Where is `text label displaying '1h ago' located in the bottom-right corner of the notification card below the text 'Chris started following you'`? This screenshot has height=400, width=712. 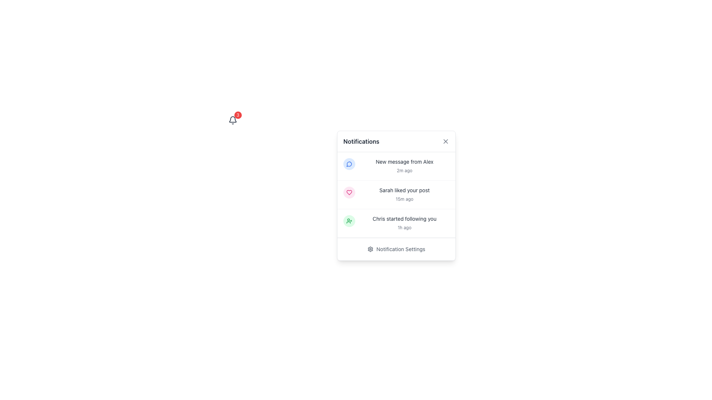 text label displaying '1h ago' located in the bottom-right corner of the notification card below the text 'Chris started following you' is located at coordinates (404, 227).